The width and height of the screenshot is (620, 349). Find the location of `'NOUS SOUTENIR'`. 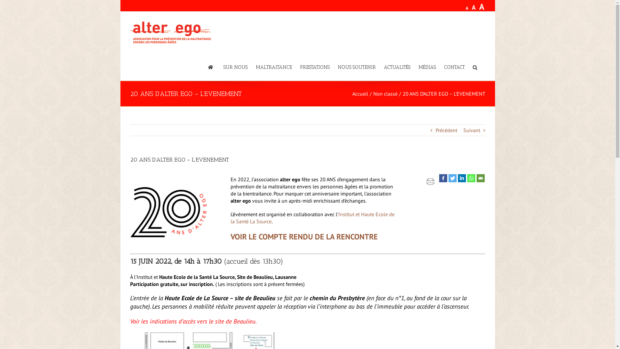

'NOUS SOUTENIR' is located at coordinates (356, 67).